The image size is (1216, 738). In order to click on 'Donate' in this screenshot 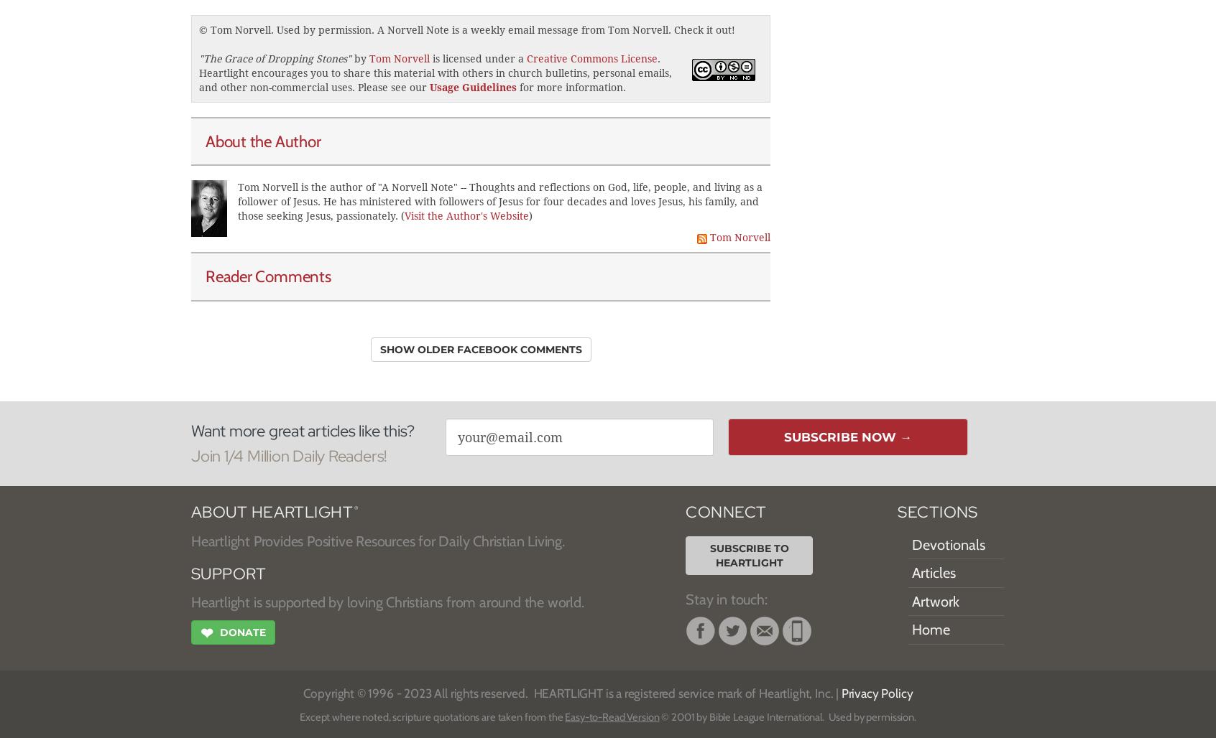, I will do `click(241, 630)`.